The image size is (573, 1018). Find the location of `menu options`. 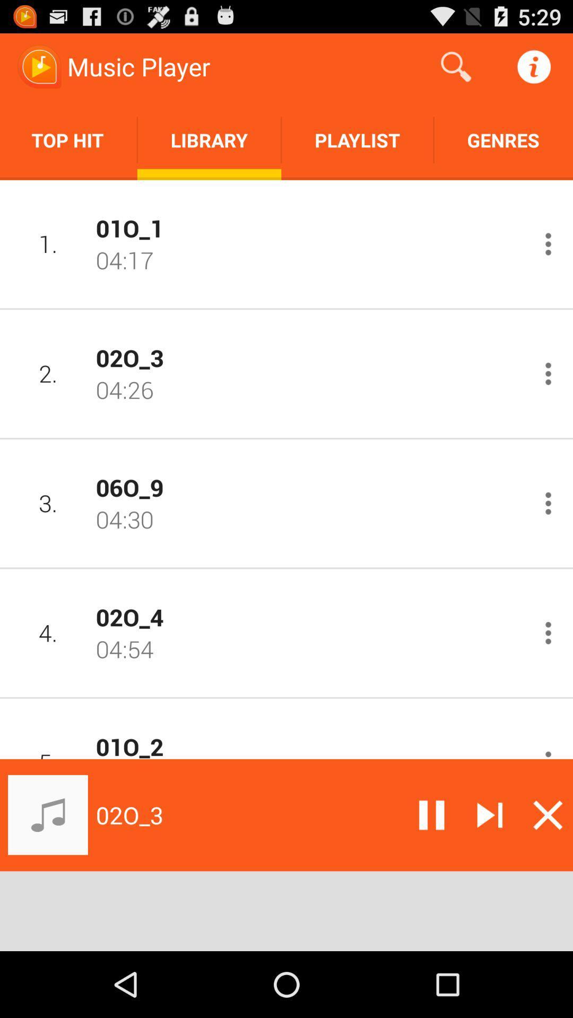

menu options is located at coordinates (548, 752).